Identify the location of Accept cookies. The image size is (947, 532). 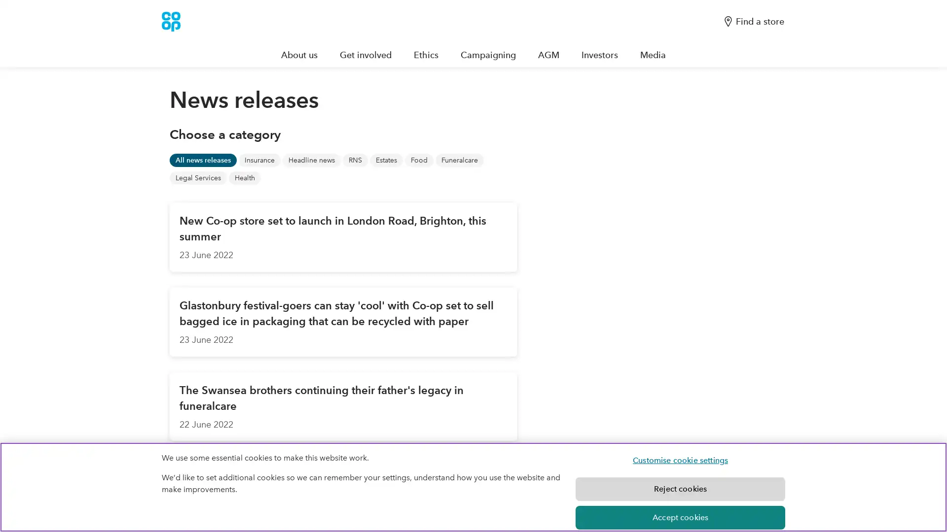
(679, 517).